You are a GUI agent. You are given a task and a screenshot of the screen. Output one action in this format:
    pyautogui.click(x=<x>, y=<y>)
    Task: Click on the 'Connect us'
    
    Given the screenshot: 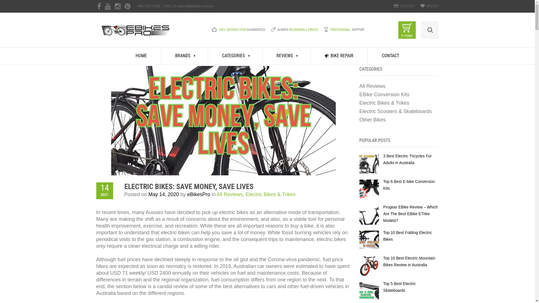 What is the action you would take?
    pyautogui.click(x=99, y=6)
    